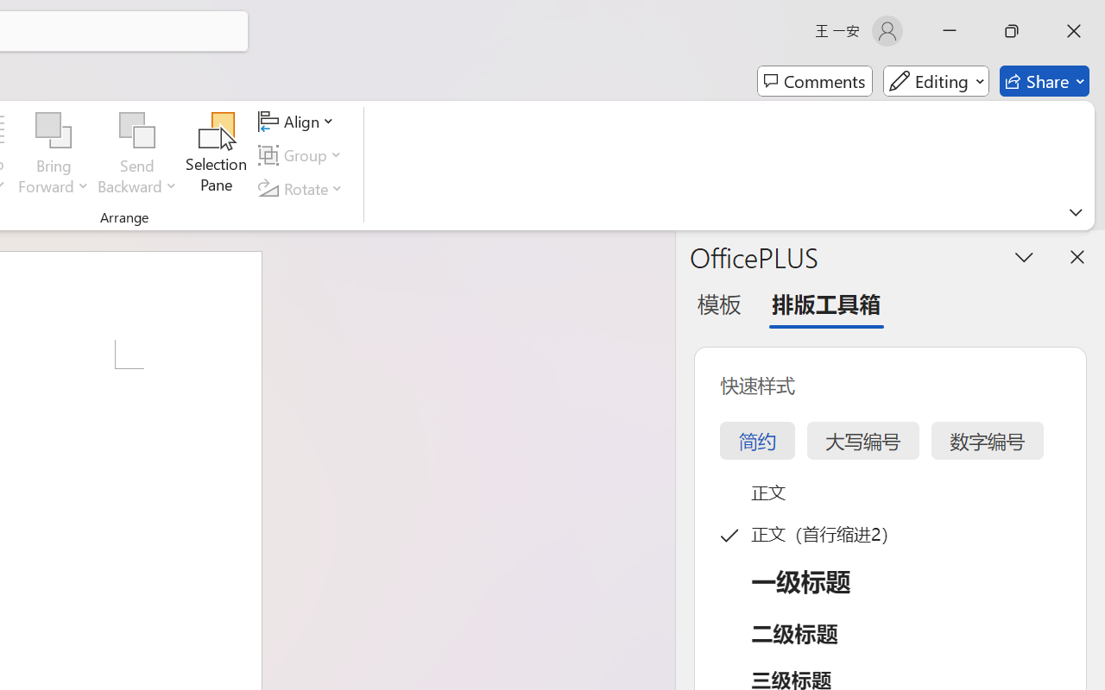 The height and width of the screenshot is (690, 1105). Describe the element at coordinates (136, 130) in the screenshot. I see `'Send Backward'` at that location.